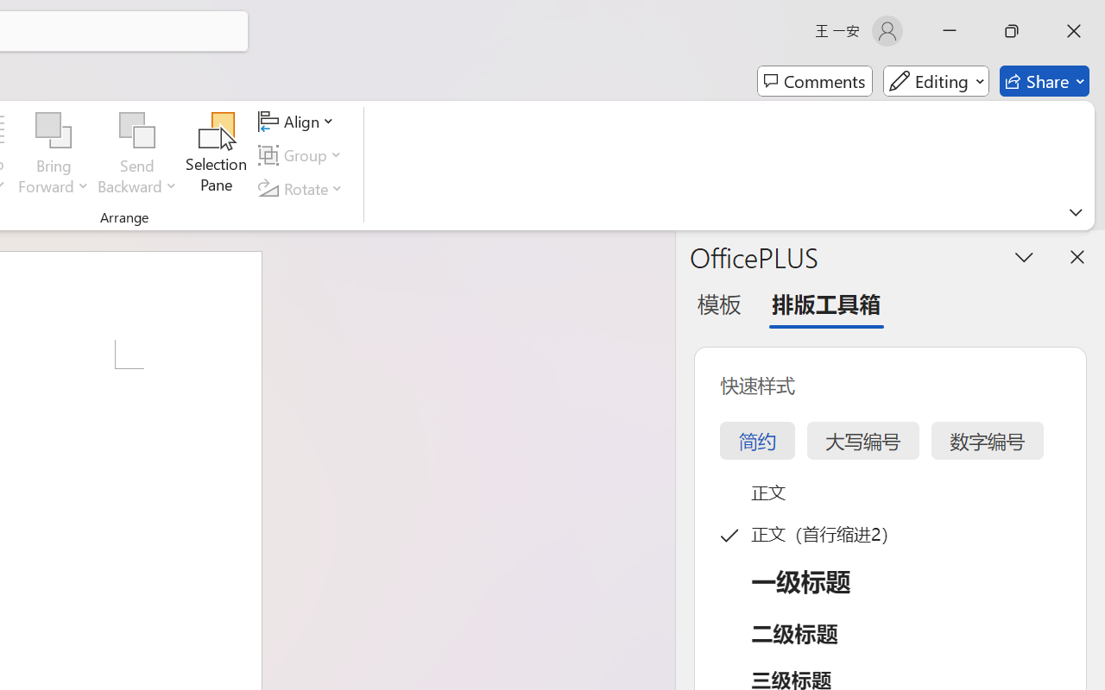 The height and width of the screenshot is (690, 1105). Describe the element at coordinates (136, 130) in the screenshot. I see `'Send Backward'` at that location.